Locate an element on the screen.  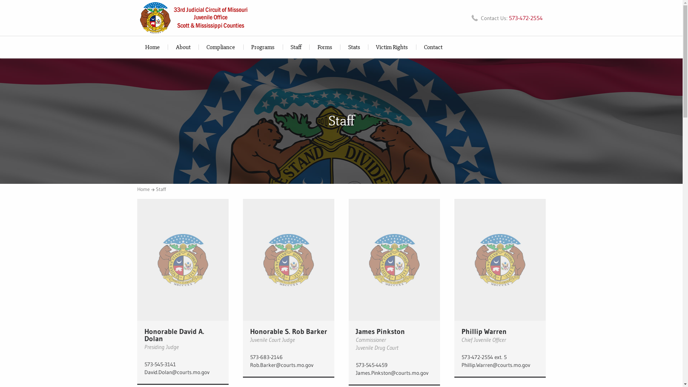
'Forms' is located at coordinates (324, 47).